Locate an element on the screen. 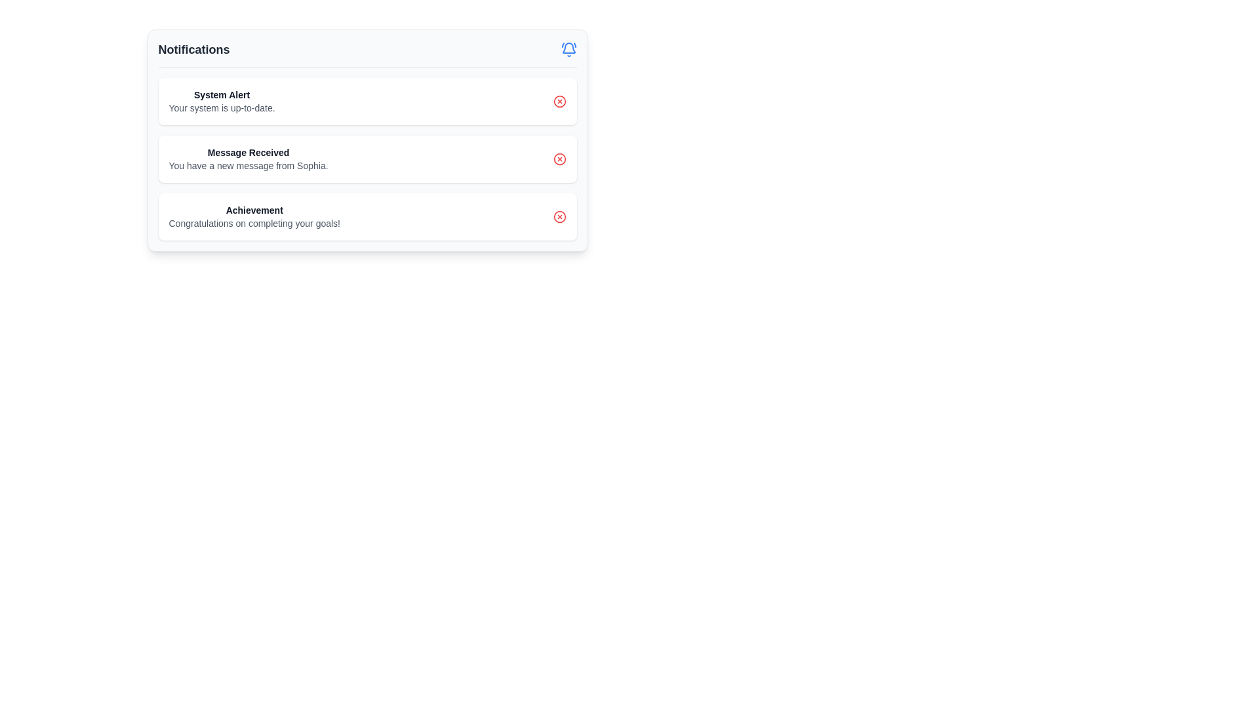 The height and width of the screenshot is (708, 1259). the 'Achievement' text label displayed in bold font style located in the third notification card within the 'Notifications' panel, above the message 'Congratulations on completing your goals!' is located at coordinates (254, 209).